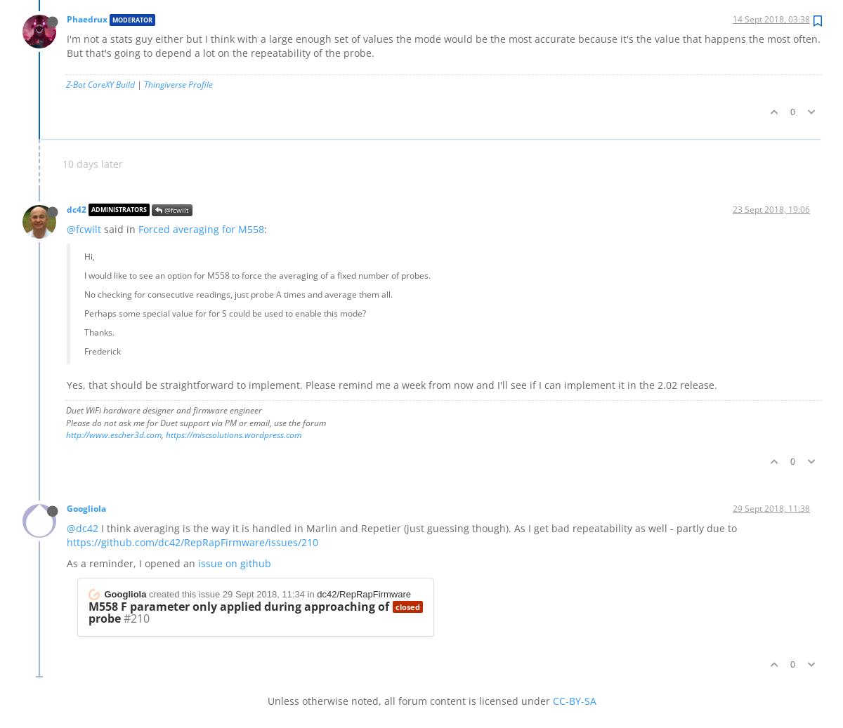  What do you see at coordinates (82, 527) in the screenshot?
I see `'@dc42'` at bounding box center [82, 527].